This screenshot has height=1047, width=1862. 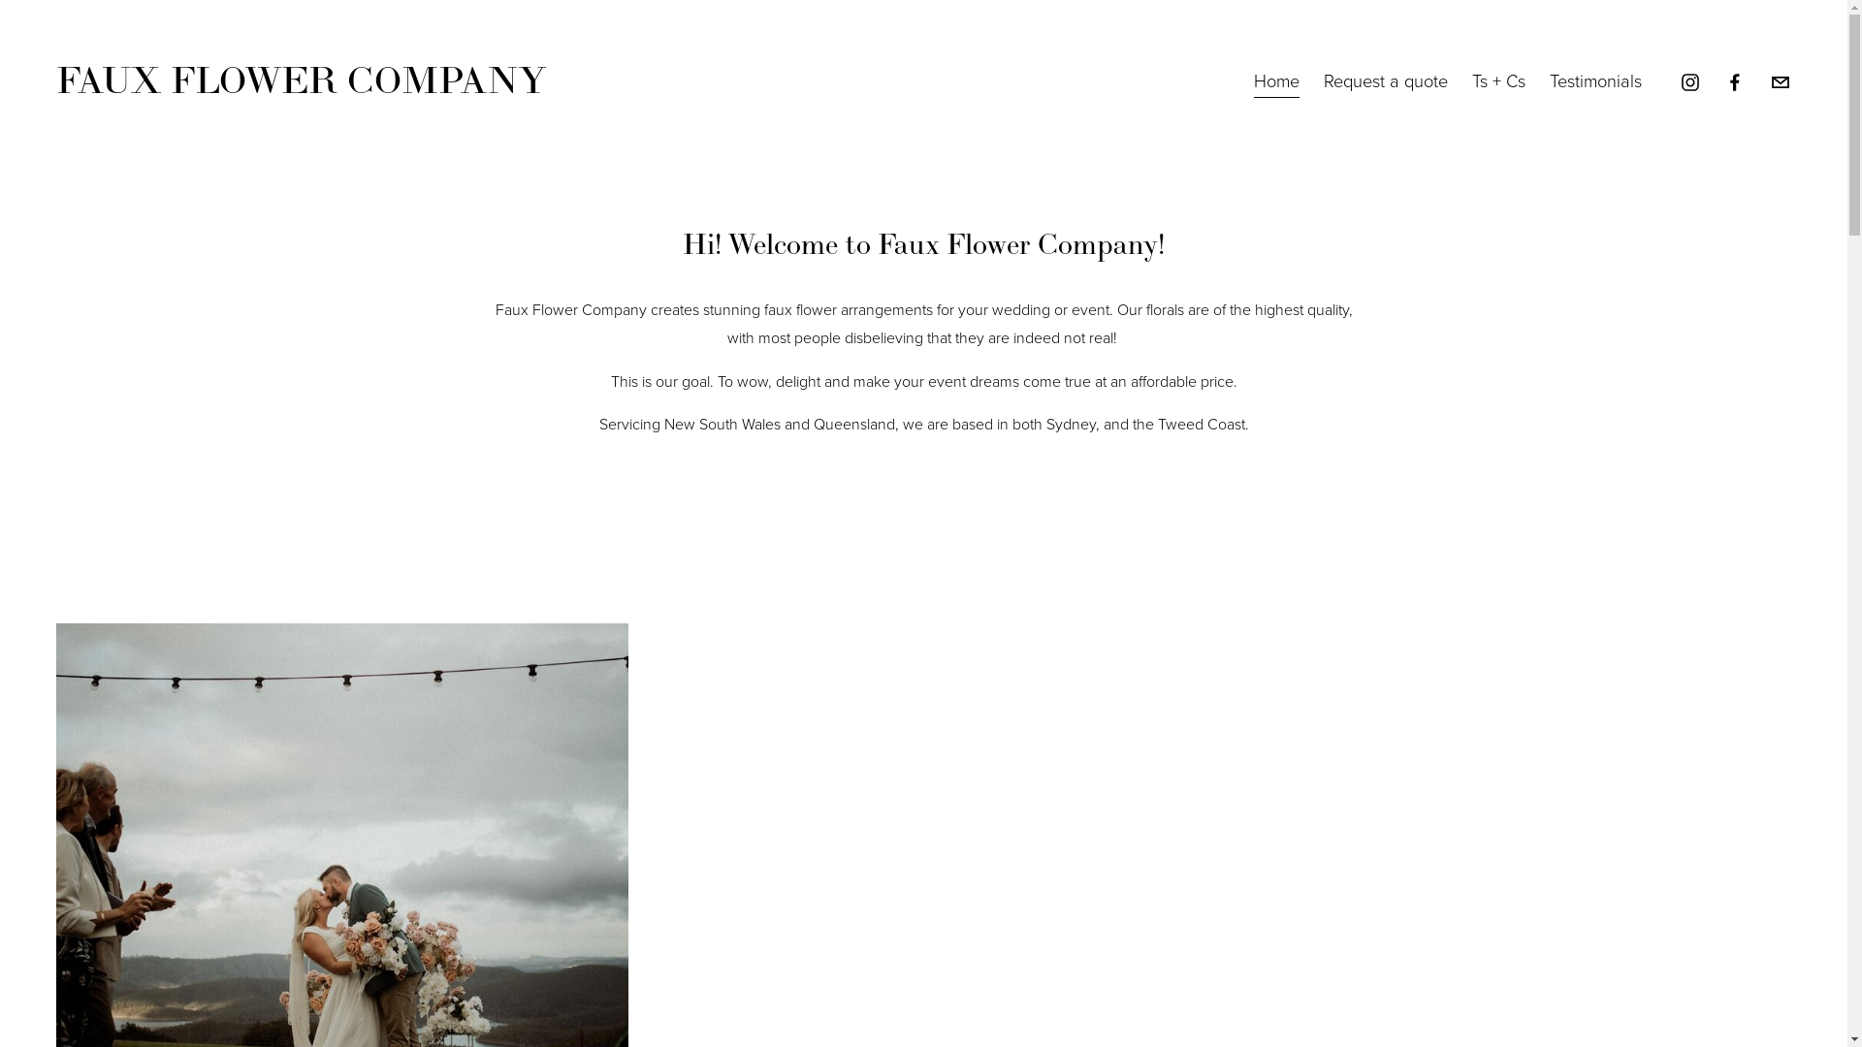 What do you see at coordinates (1471, 81) in the screenshot?
I see `'Ts + Cs'` at bounding box center [1471, 81].